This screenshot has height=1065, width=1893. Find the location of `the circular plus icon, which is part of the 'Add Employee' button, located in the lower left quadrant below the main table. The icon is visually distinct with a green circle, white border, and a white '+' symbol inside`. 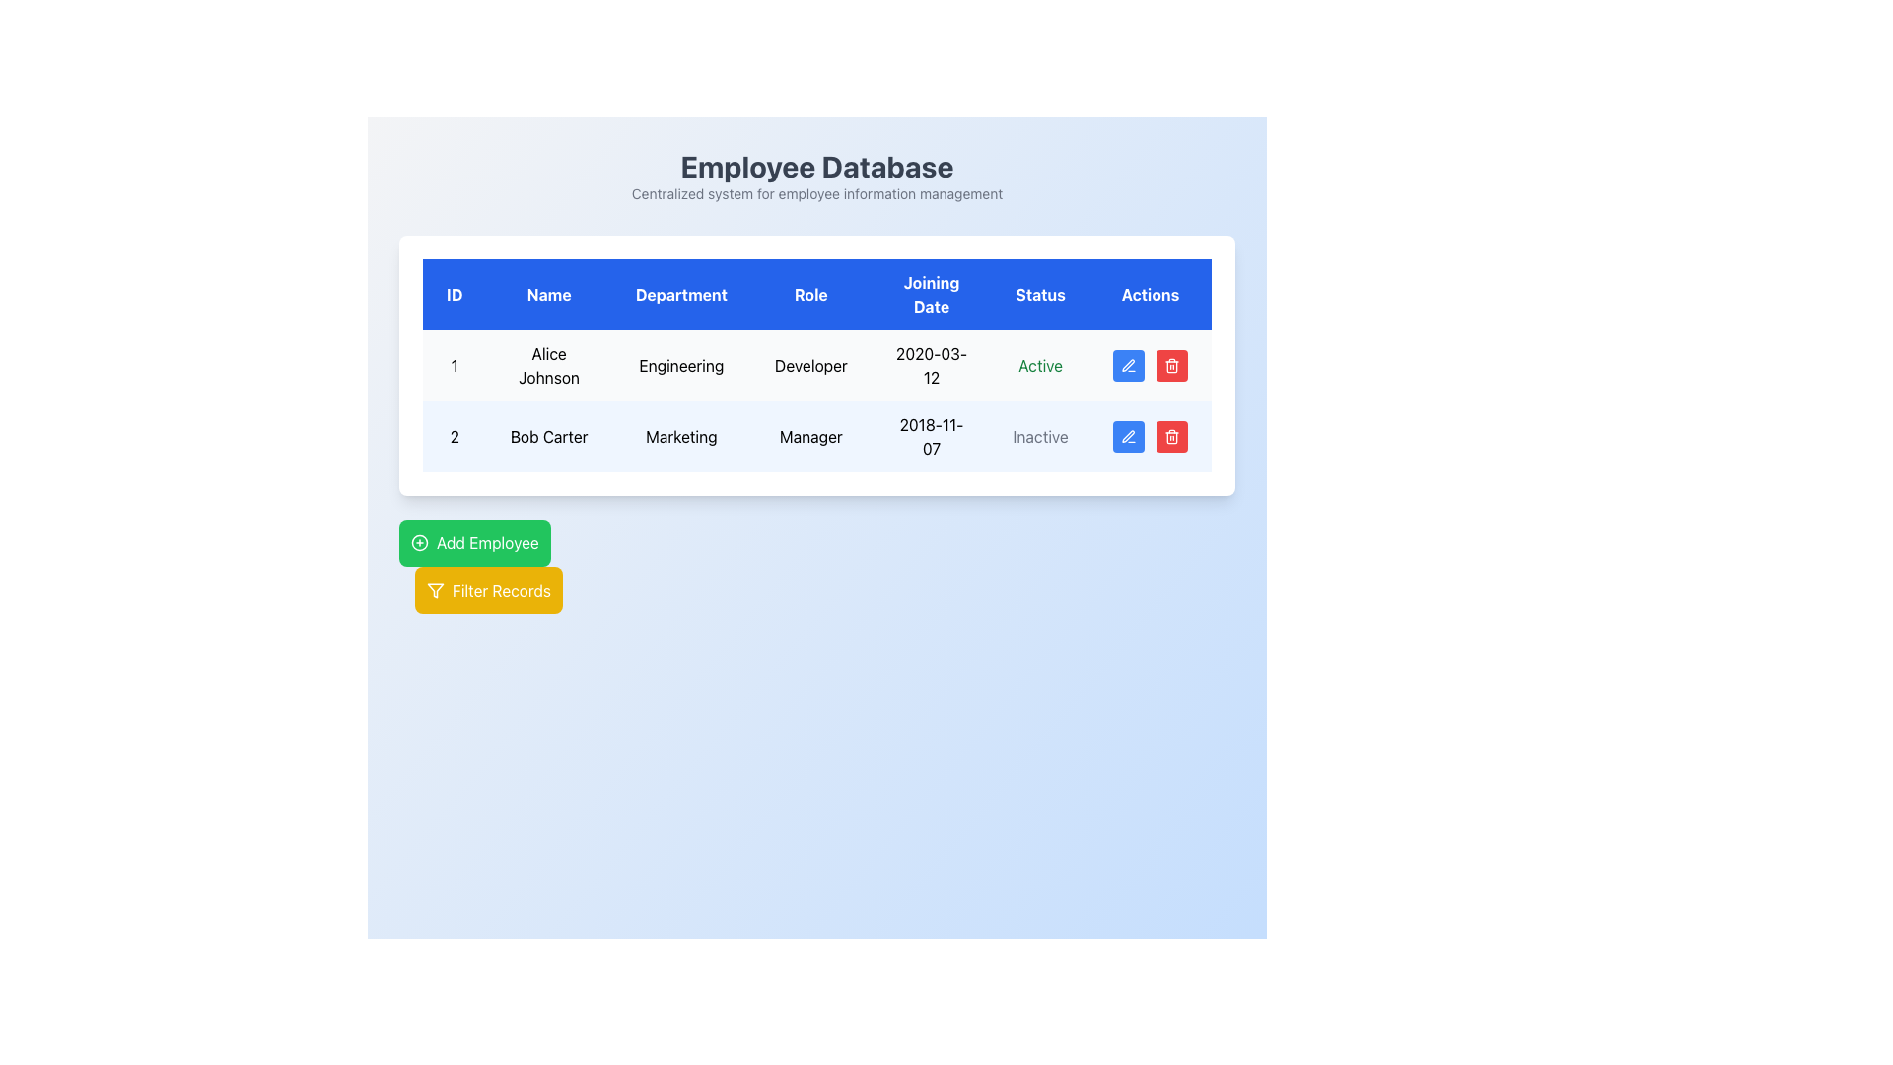

the circular plus icon, which is part of the 'Add Employee' button, located in the lower left quadrant below the main table. The icon is visually distinct with a green circle, white border, and a white '+' symbol inside is located at coordinates (419, 543).